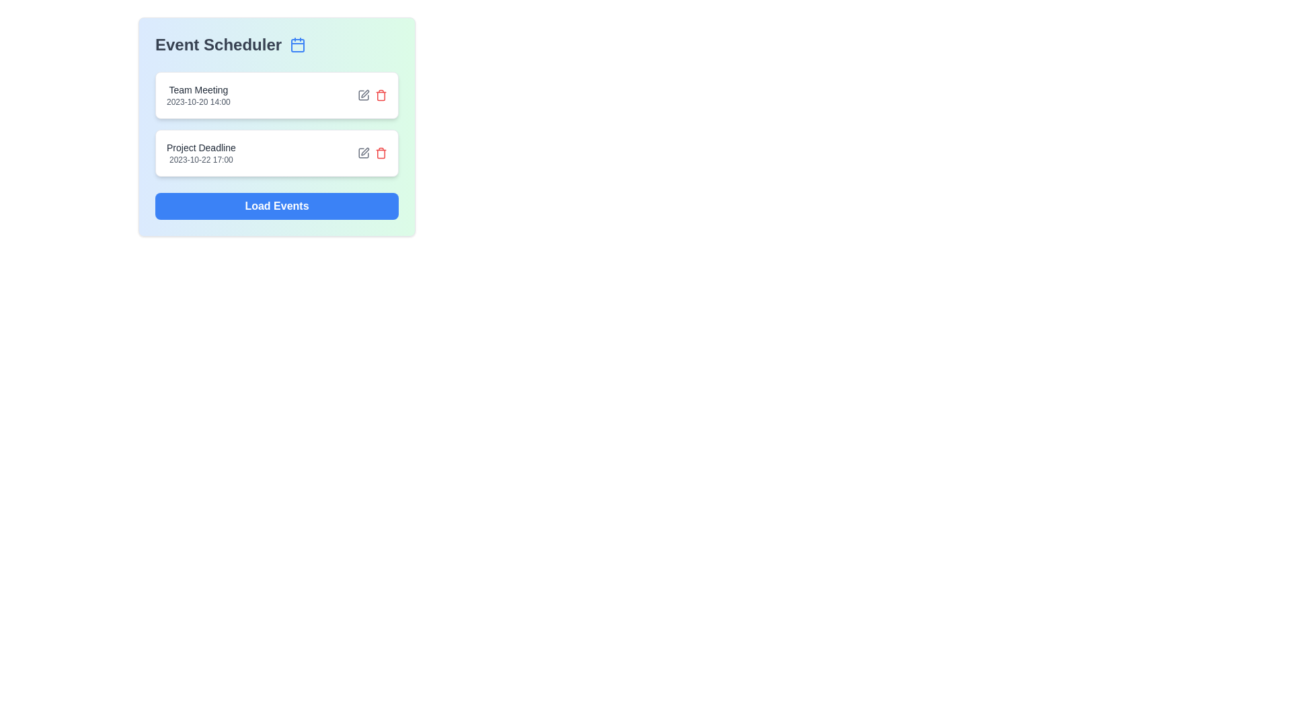 The width and height of the screenshot is (1291, 726). Describe the element at coordinates (380, 152) in the screenshot. I see `the clickable icon (delete button) located on the right side of the second event item under 'Event Scheduler'` at that location.